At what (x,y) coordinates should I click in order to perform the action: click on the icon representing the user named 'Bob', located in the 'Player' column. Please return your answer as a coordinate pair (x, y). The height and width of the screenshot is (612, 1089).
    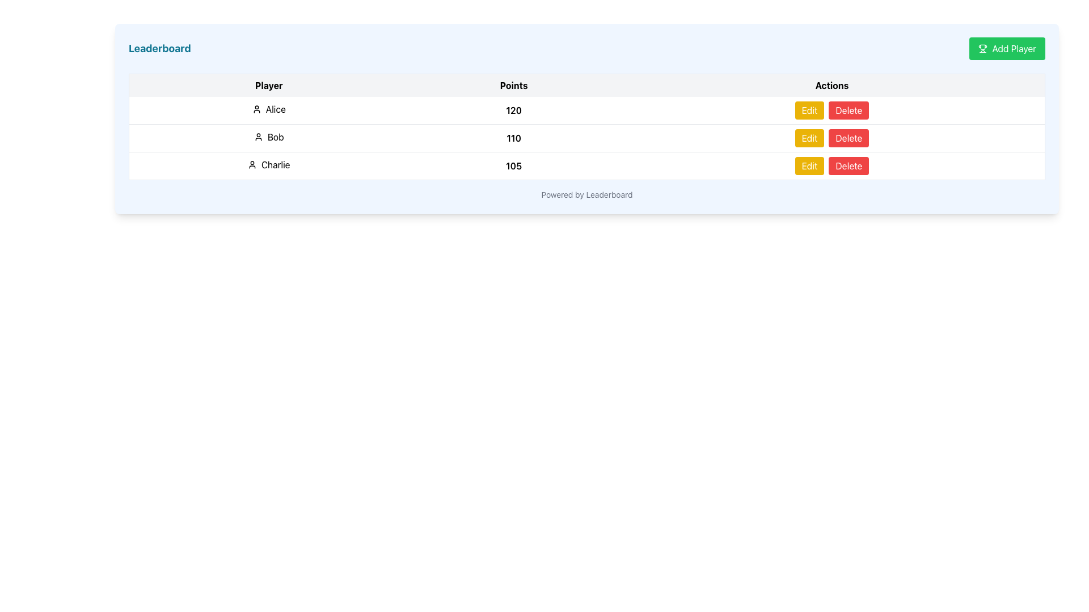
    Looking at the image, I should click on (258, 137).